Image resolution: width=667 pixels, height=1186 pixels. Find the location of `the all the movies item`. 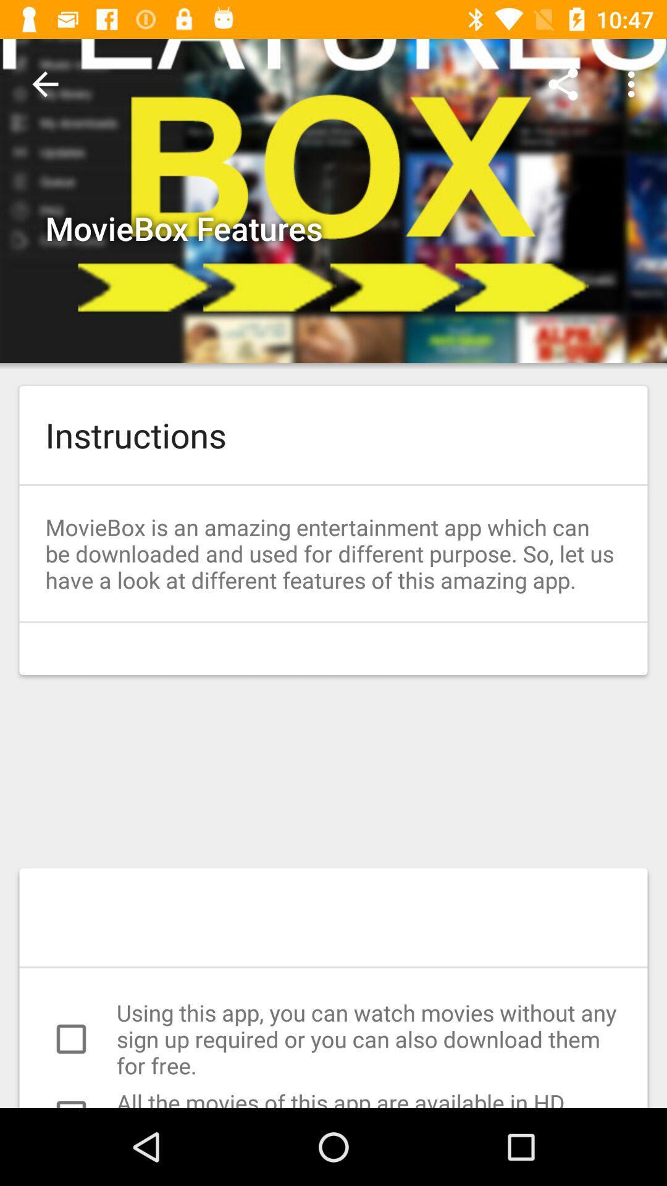

the all the movies item is located at coordinates (333, 1098).